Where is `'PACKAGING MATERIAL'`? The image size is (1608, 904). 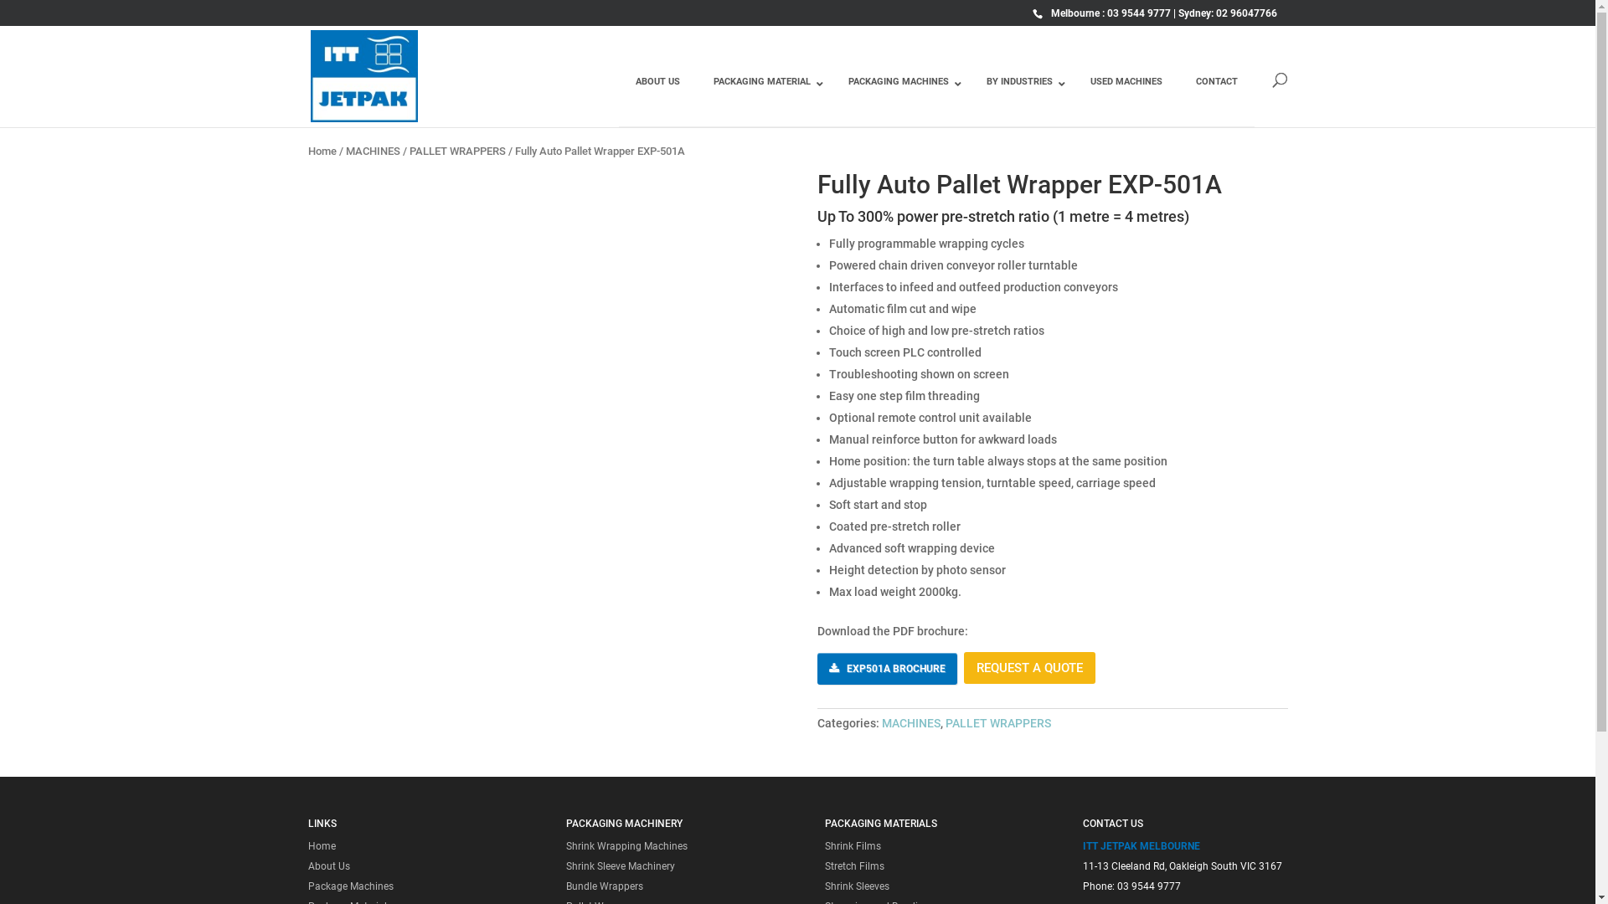
'PACKAGING MATERIAL' is located at coordinates (763, 94).